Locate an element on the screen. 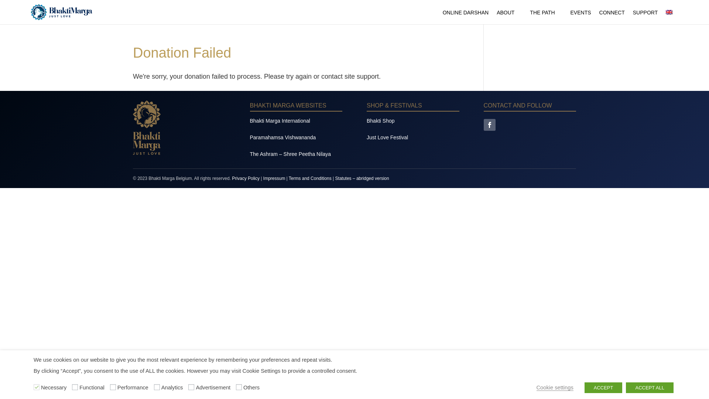 The width and height of the screenshot is (709, 399). 'Follow on Facebook' is located at coordinates (489, 125).